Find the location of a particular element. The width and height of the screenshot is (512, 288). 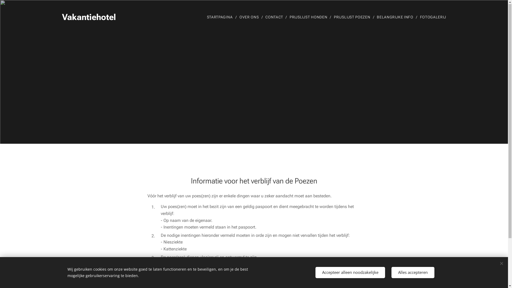

'OVER ONS' is located at coordinates (249, 17).